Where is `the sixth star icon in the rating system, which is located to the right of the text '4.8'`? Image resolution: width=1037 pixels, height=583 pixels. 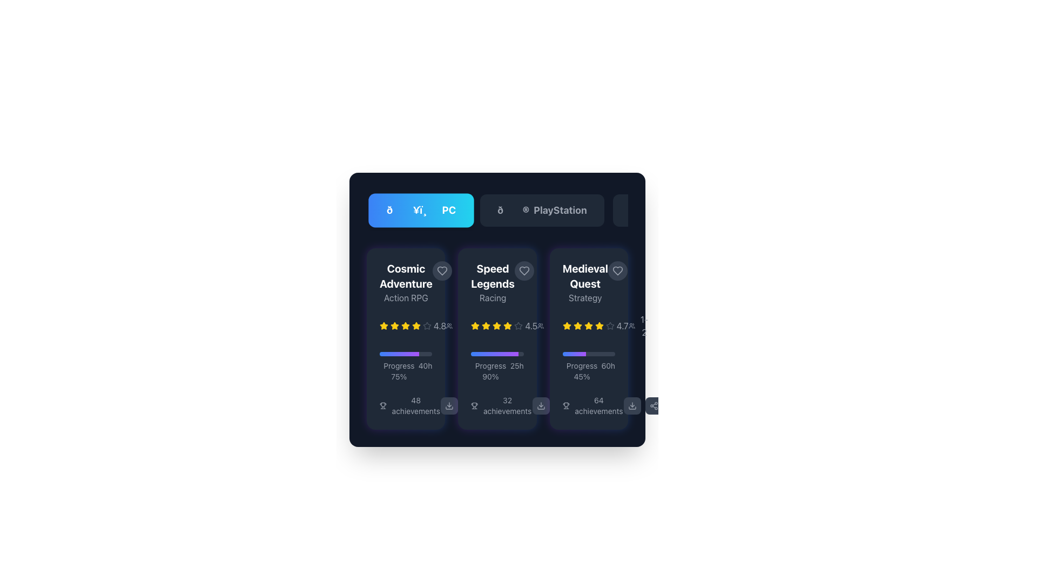
the sixth star icon in the rating system, which is located to the right of the text '4.8' is located at coordinates (416, 326).